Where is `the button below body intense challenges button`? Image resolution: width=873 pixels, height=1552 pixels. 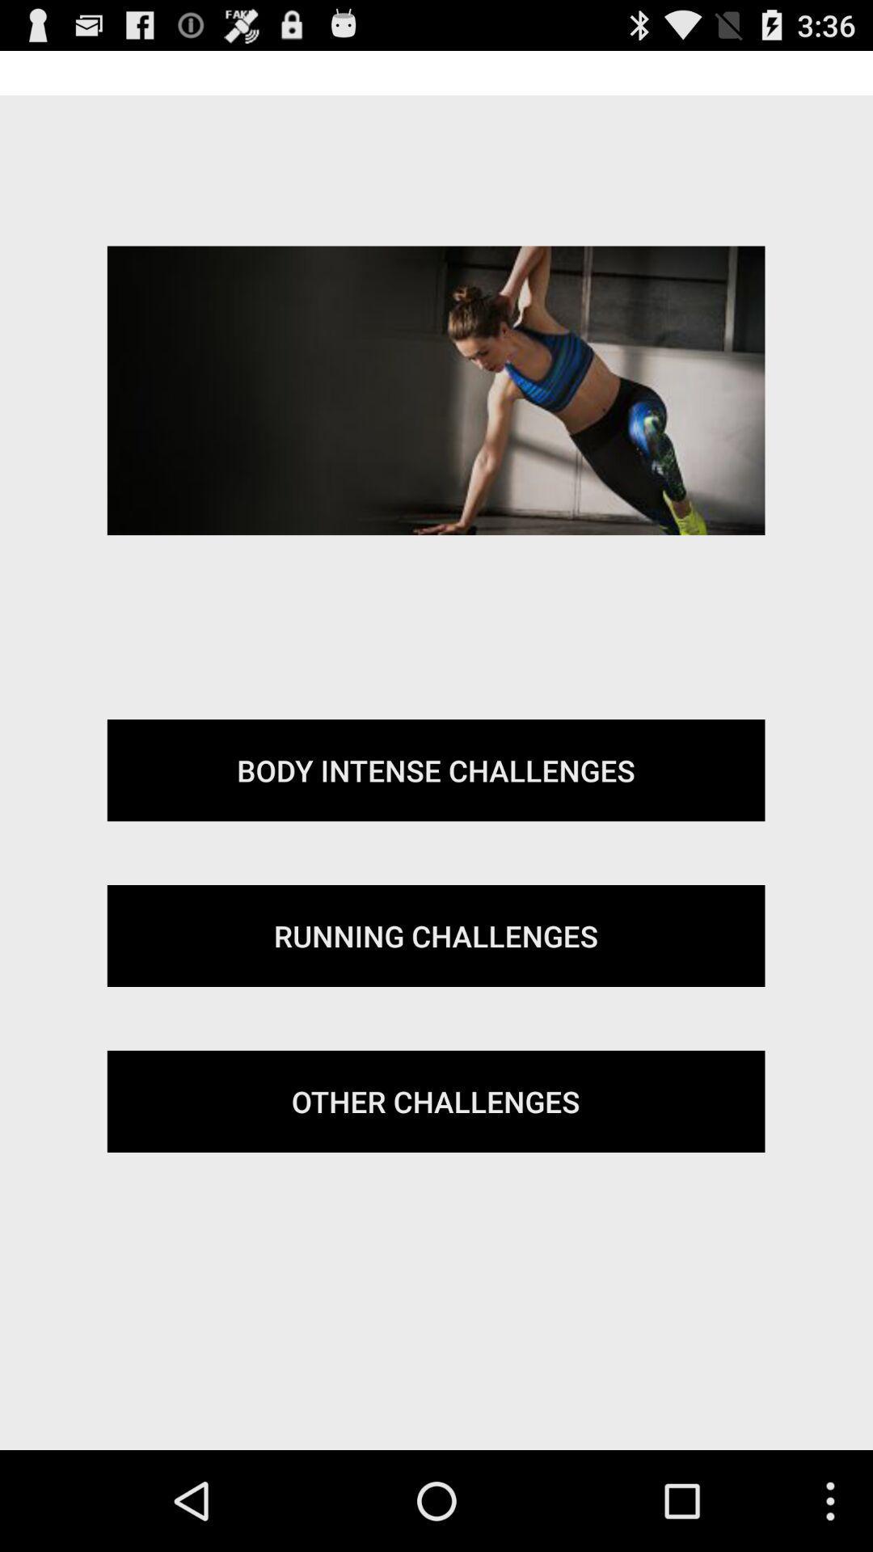 the button below body intense challenges button is located at coordinates (435, 935).